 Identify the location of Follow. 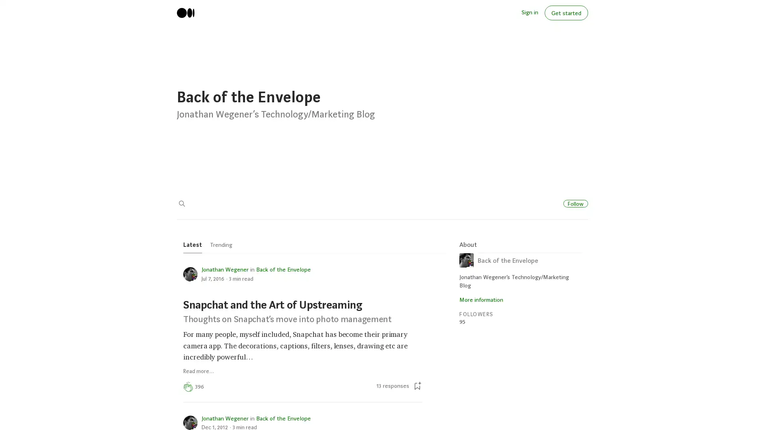
(575, 203).